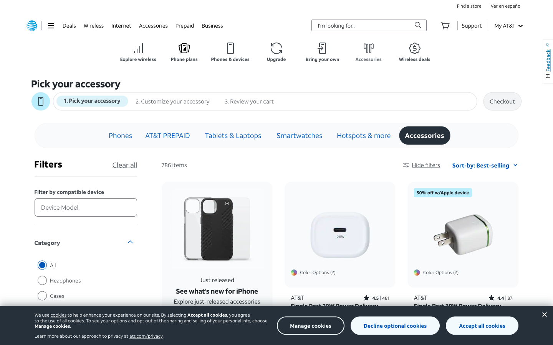 The image size is (553, 345). What do you see at coordinates (69, 25) in the screenshot?
I see `Explore all the different categories under deals` at bounding box center [69, 25].